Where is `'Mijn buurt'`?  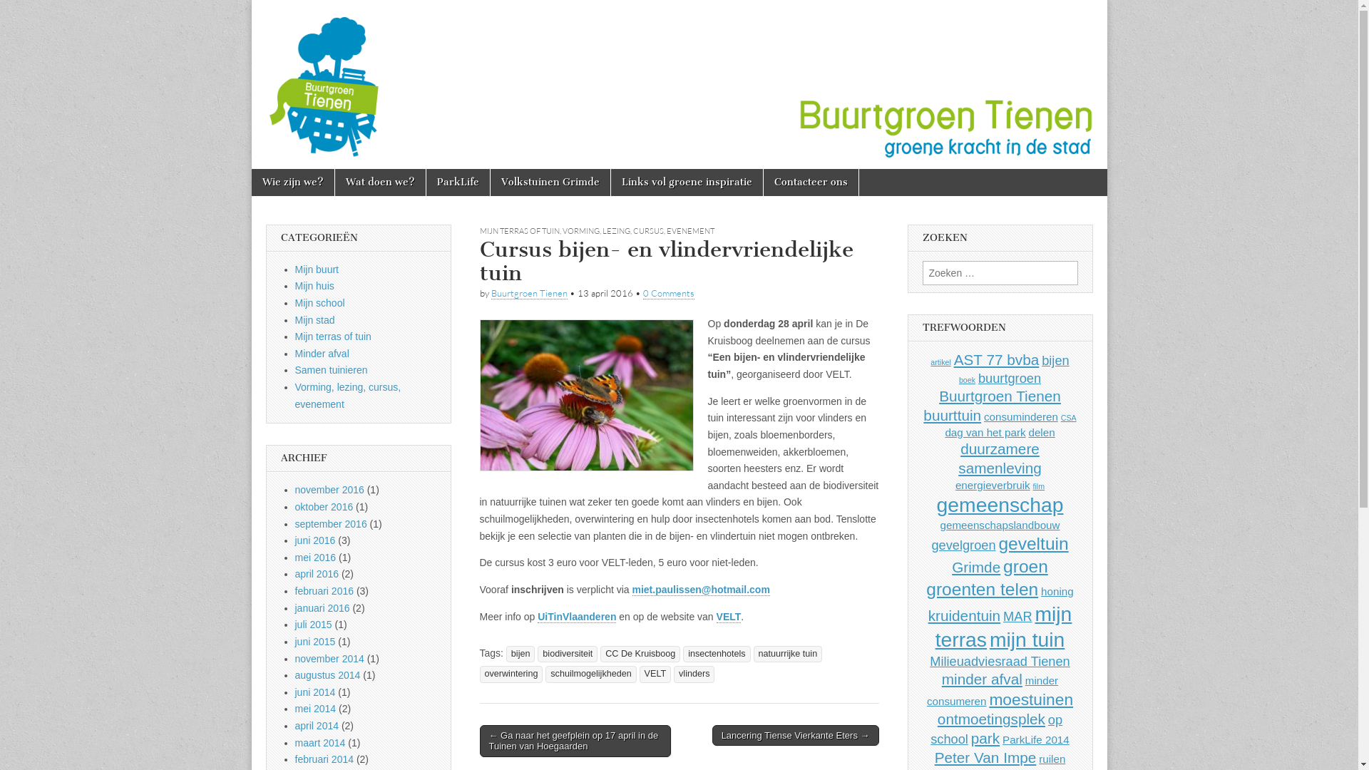 'Mijn buurt' is located at coordinates (316, 269).